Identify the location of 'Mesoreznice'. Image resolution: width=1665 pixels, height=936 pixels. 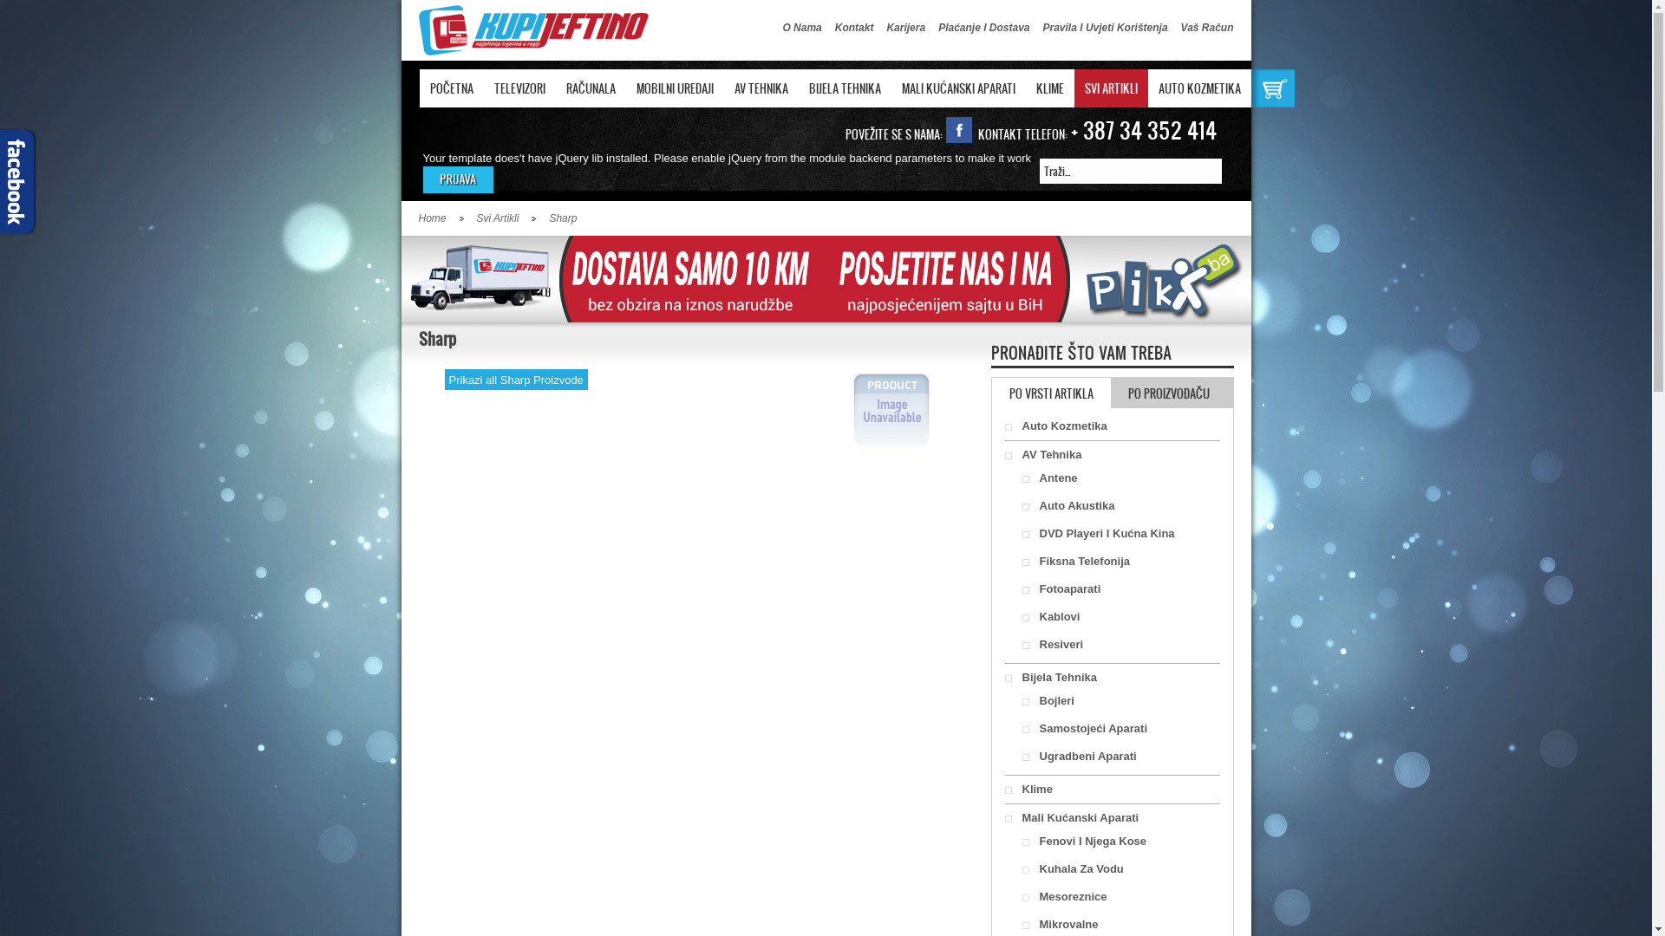
(1120, 896).